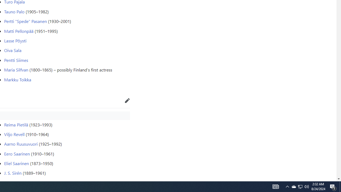 Image resolution: width=341 pixels, height=192 pixels. What do you see at coordinates (127, 100) in the screenshot?
I see `'edit'` at bounding box center [127, 100].